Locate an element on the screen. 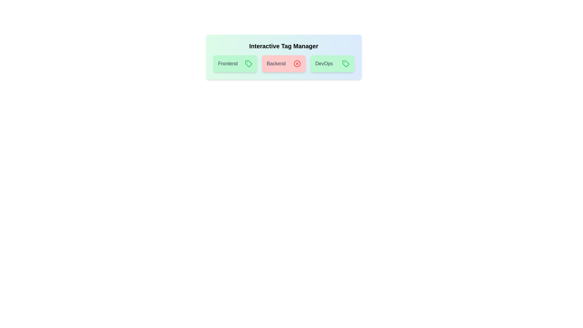 The height and width of the screenshot is (328, 583). the 'Frontend' tag to toggle its activation state is located at coordinates (235, 63).